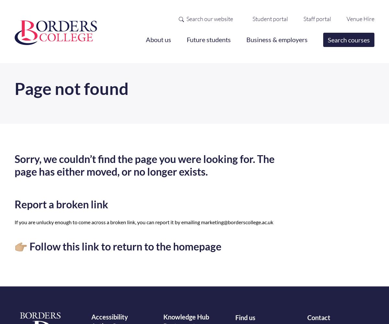 This screenshot has width=389, height=324. I want to click on 'Student portal', so click(270, 18).